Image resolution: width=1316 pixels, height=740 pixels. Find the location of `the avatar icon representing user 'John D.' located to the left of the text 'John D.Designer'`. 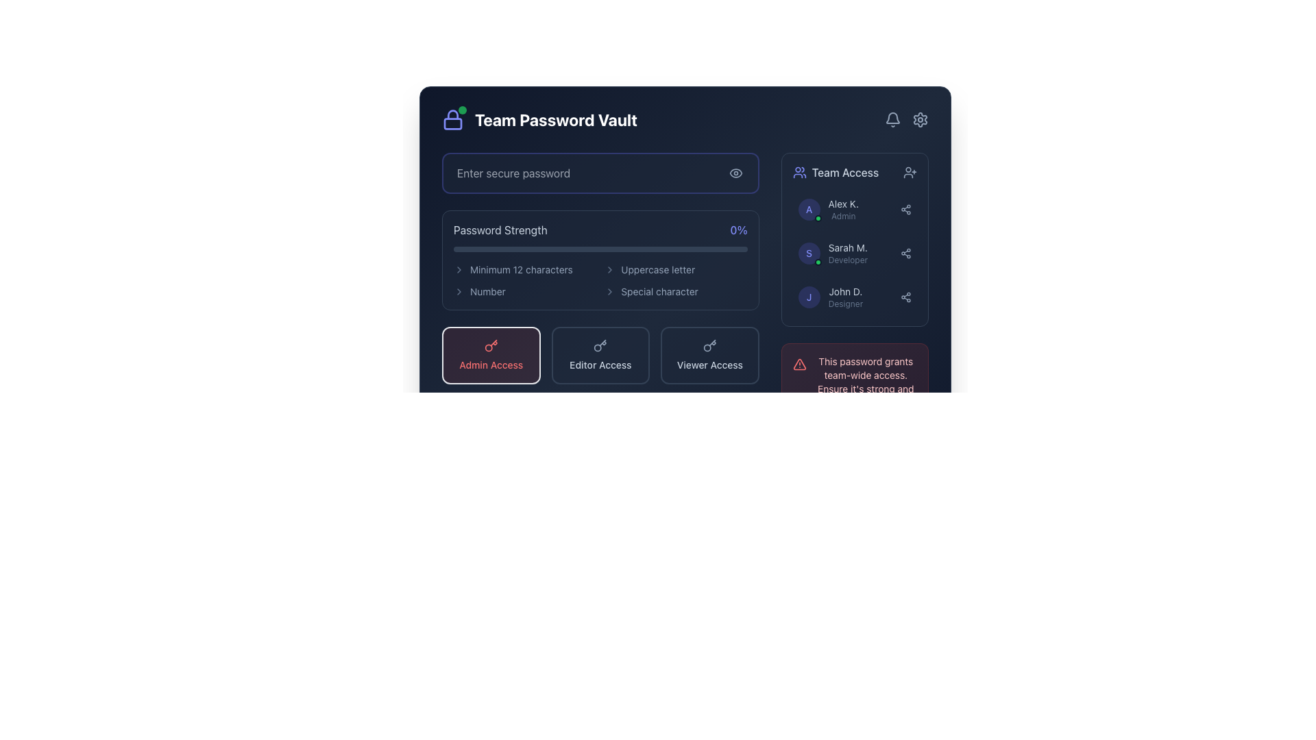

the avatar icon representing user 'John D.' located to the left of the text 'John D.Designer' is located at coordinates (809, 297).